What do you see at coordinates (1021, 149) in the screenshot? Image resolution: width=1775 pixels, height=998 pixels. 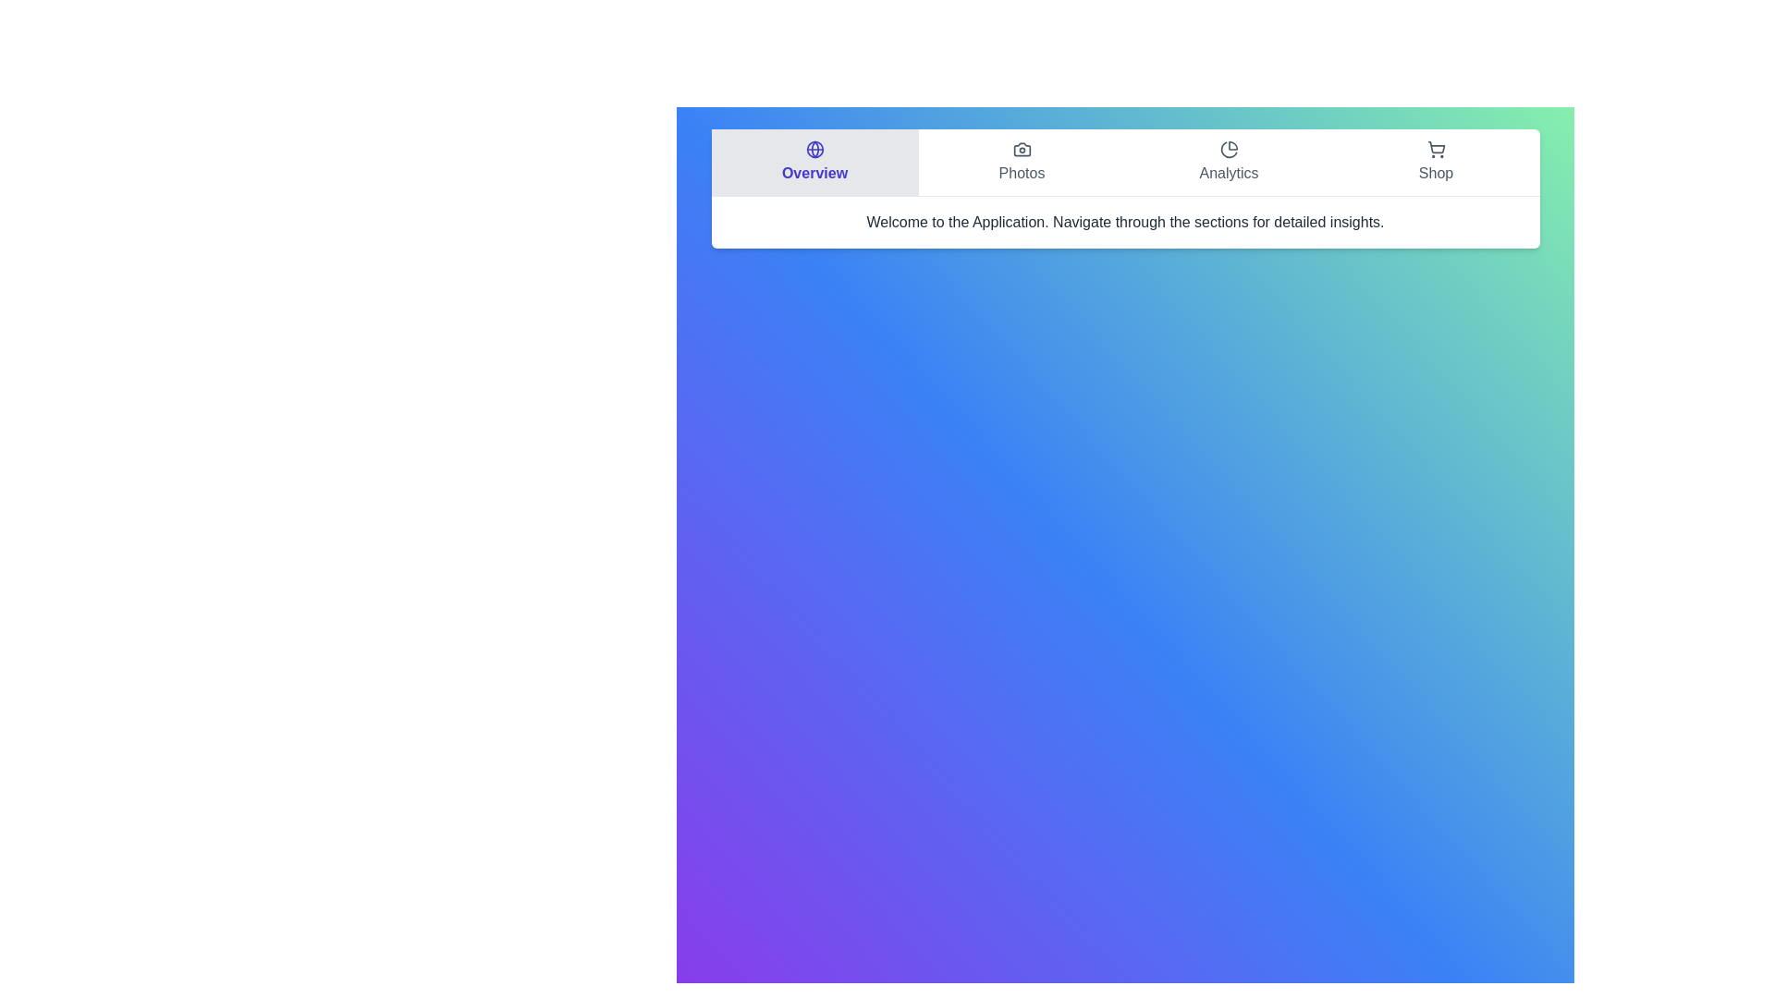 I see `the camera icon located in the 'Photos' section of the navigation header, which is styled with a clean and minimal design` at bounding box center [1021, 149].